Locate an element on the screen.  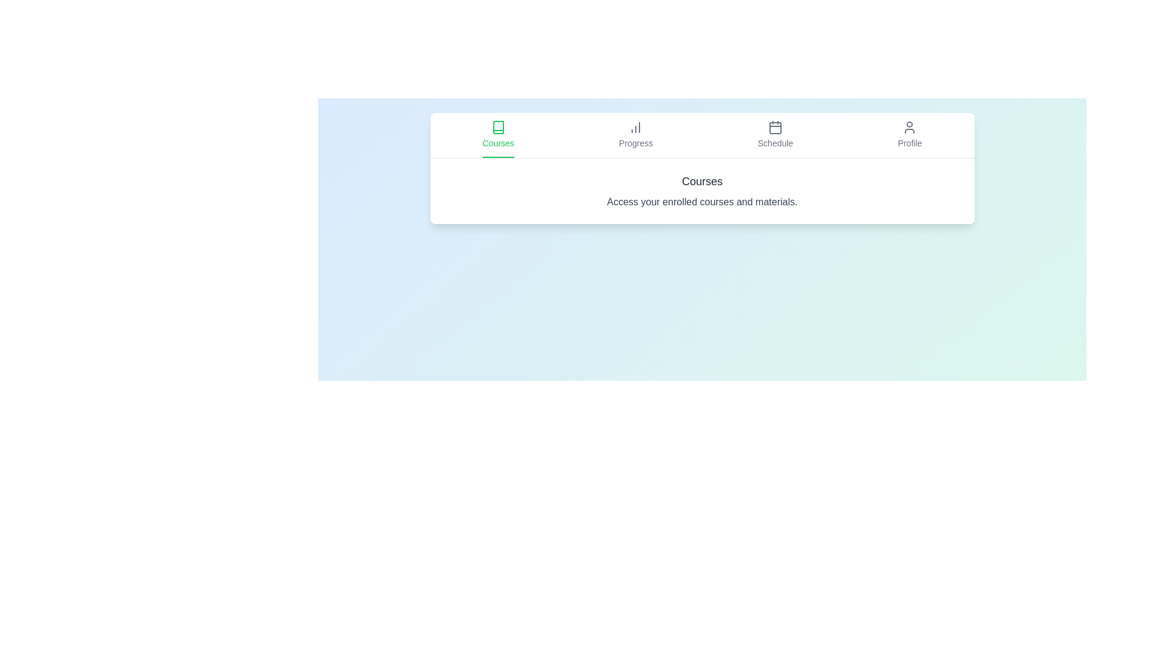
the tab labeled Profile to read its description is located at coordinates (910, 135).